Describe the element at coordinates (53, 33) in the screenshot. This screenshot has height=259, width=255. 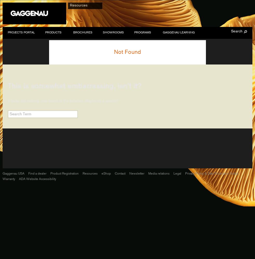
I see `'Products'` at that location.